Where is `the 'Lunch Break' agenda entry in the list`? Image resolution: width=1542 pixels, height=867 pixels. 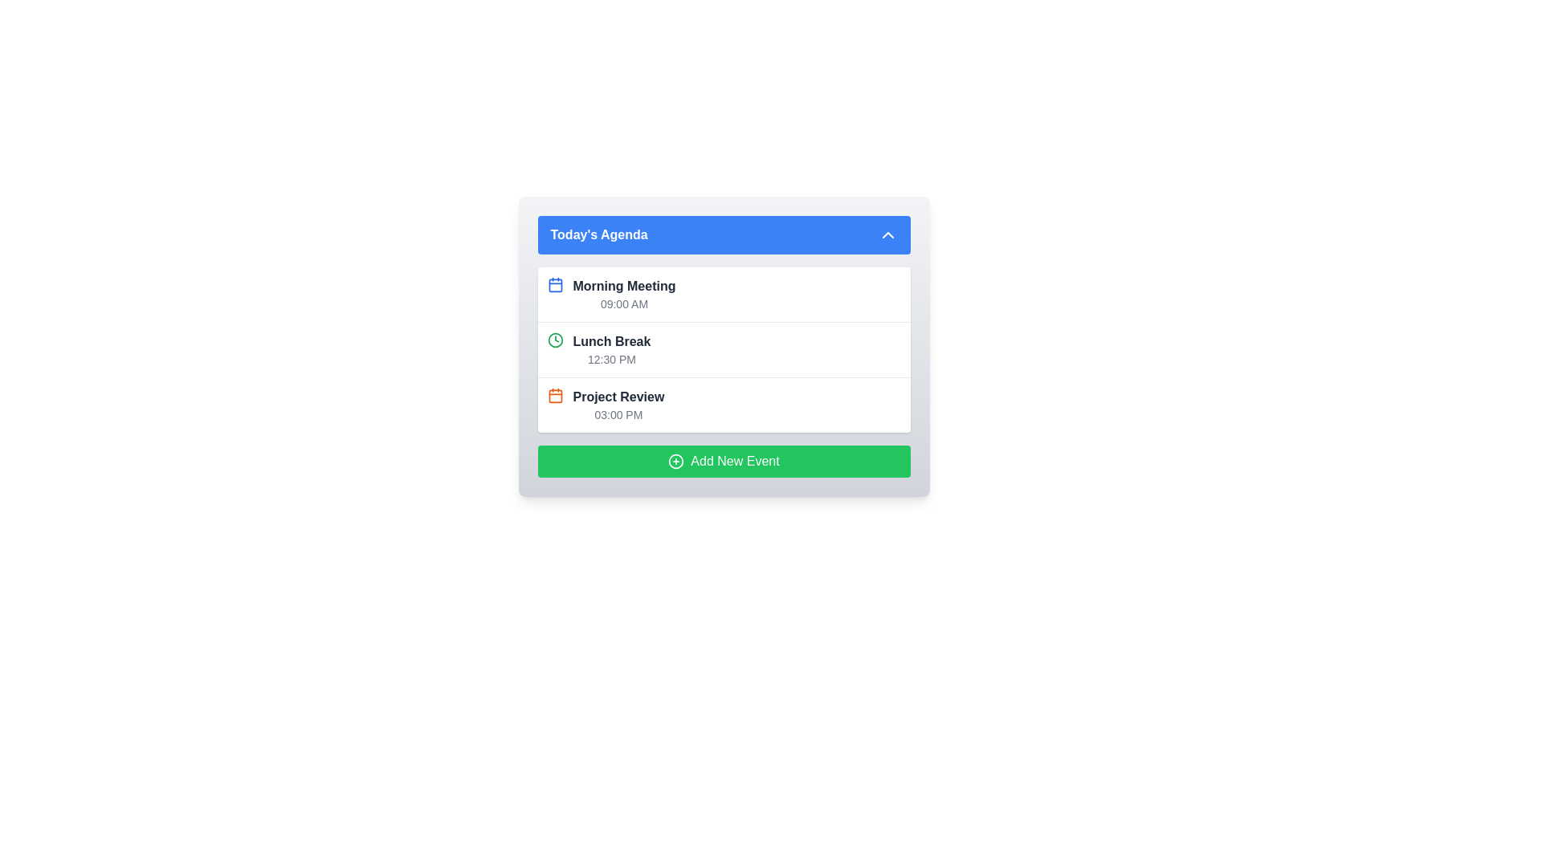
the 'Lunch Break' agenda entry in the list is located at coordinates (723, 346).